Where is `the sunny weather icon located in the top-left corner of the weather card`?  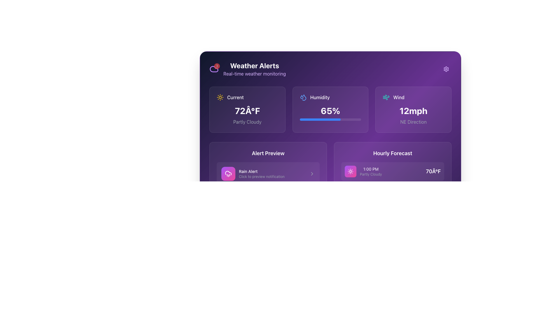 the sunny weather icon located in the top-left corner of the weather card is located at coordinates (350, 171).